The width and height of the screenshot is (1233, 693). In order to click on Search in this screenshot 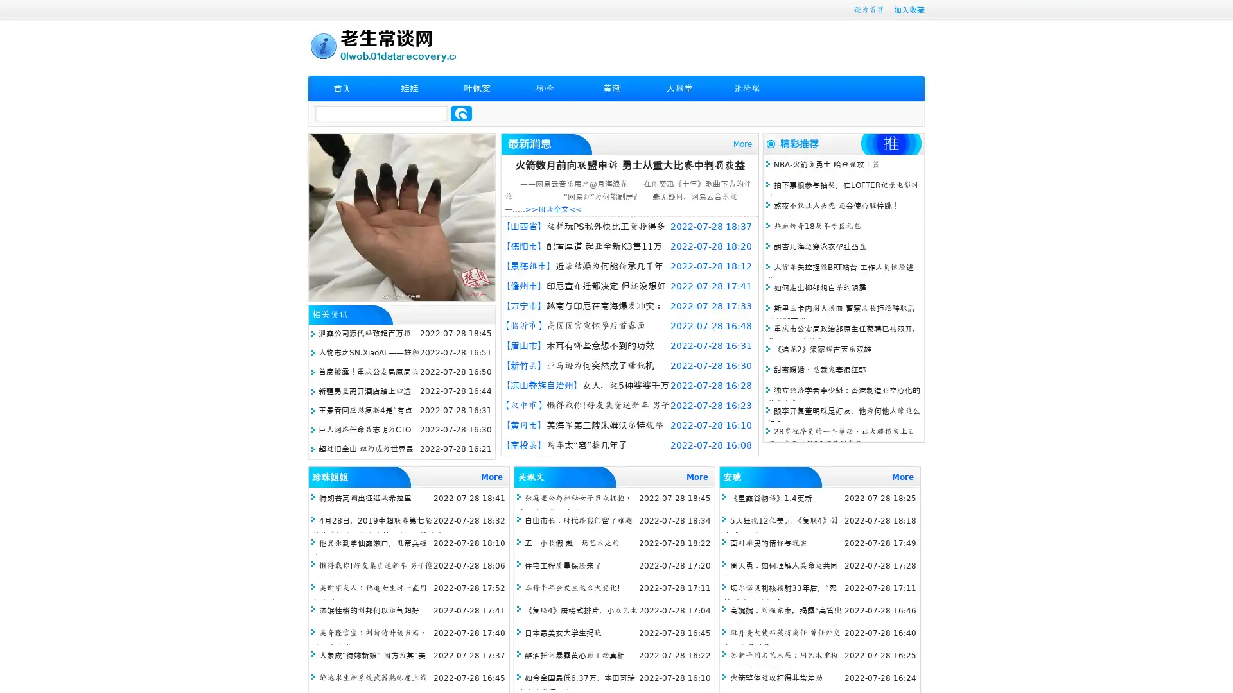, I will do `click(461, 113)`.